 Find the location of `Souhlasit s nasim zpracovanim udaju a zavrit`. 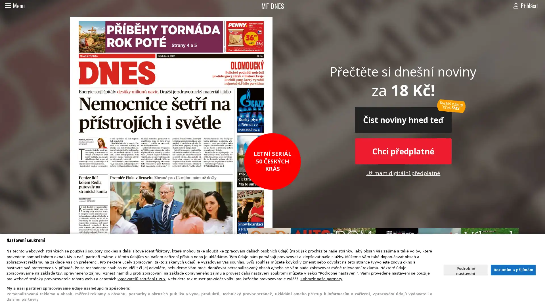

Souhlasit s nasim zpracovanim udaju a zavrit is located at coordinates (513, 269).